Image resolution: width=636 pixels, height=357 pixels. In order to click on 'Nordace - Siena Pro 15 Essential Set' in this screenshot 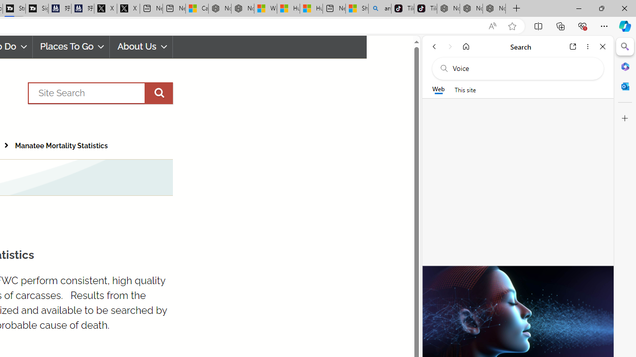, I will do `click(494, 8)`.